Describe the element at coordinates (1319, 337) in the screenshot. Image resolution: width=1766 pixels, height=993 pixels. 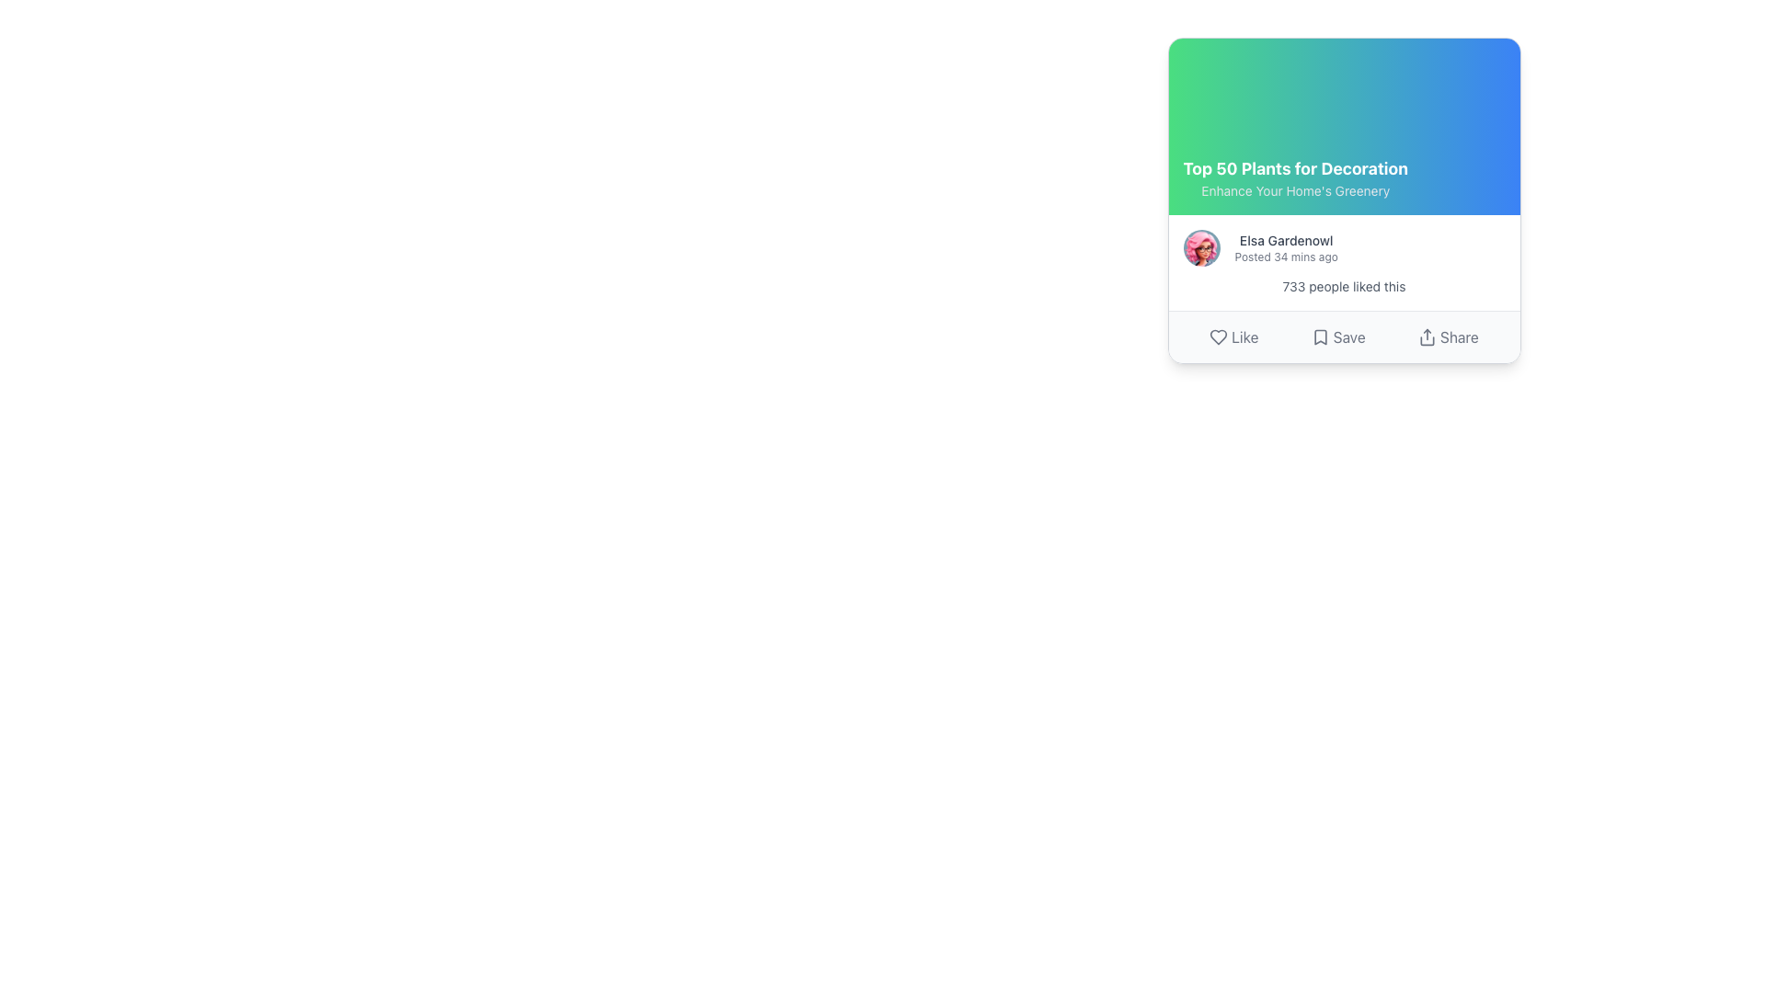
I see `the save/bookmark icon located at the bottom central area of the content card, immediately to the left of the 'Save' text` at that location.